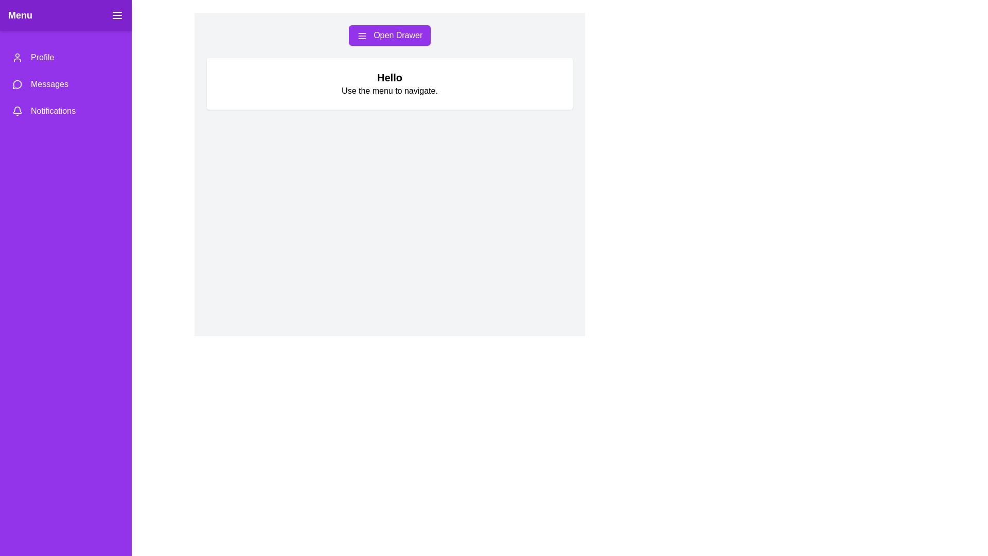 The height and width of the screenshot is (556, 988). What do you see at coordinates (17, 109) in the screenshot?
I see `the notification icon` at bounding box center [17, 109].